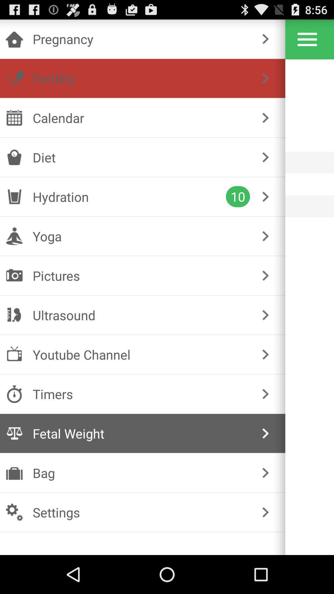 This screenshot has height=594, width=334. I want to click on open/close menu, so click(307, 39).